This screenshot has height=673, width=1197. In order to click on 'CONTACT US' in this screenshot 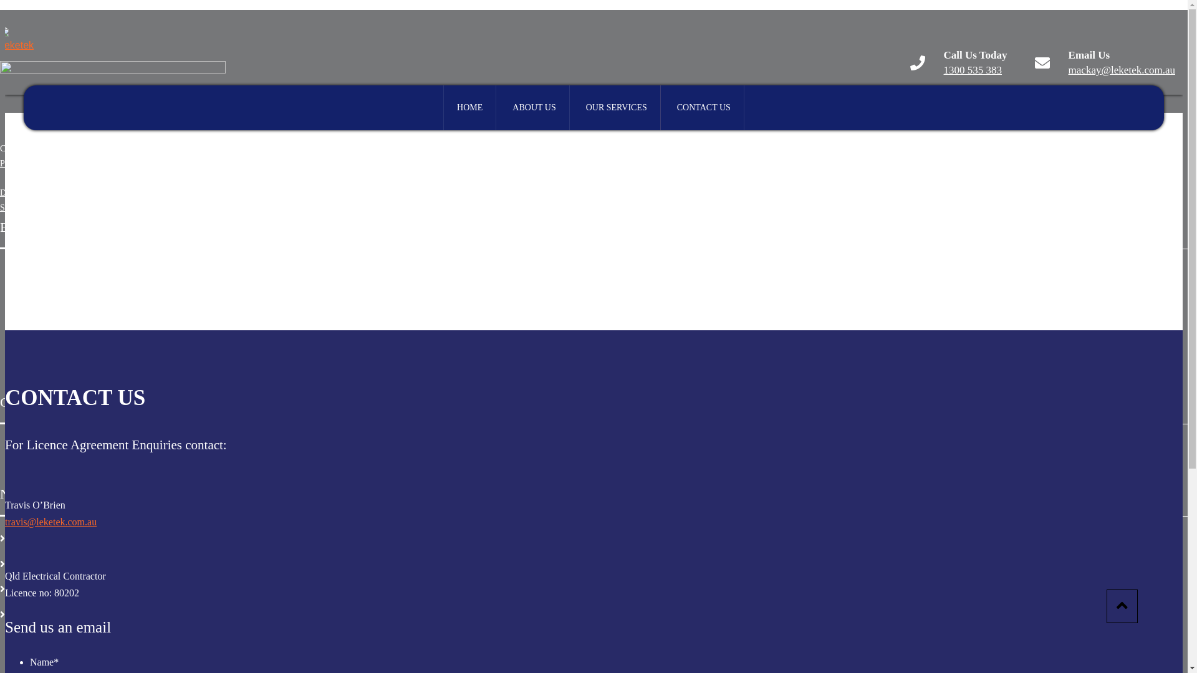, I will do `click(703, 107)`.